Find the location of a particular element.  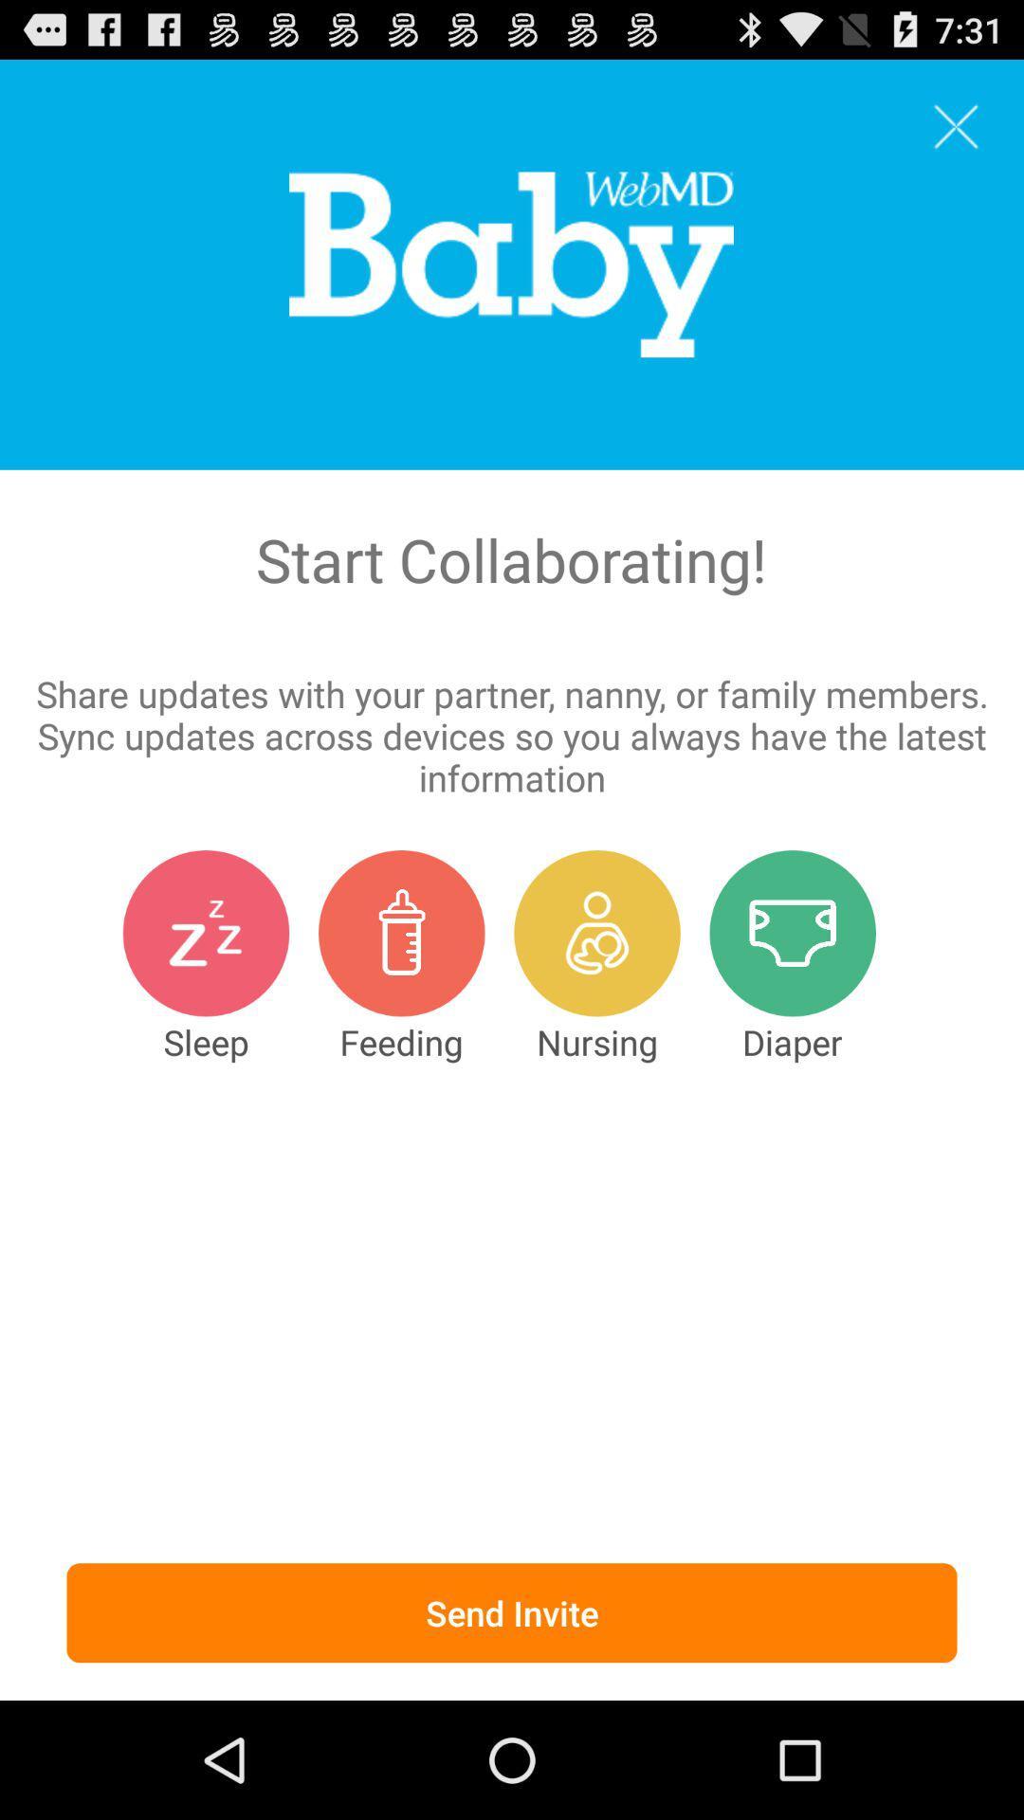

the send invite icon is located at coordinates (512, 1611).